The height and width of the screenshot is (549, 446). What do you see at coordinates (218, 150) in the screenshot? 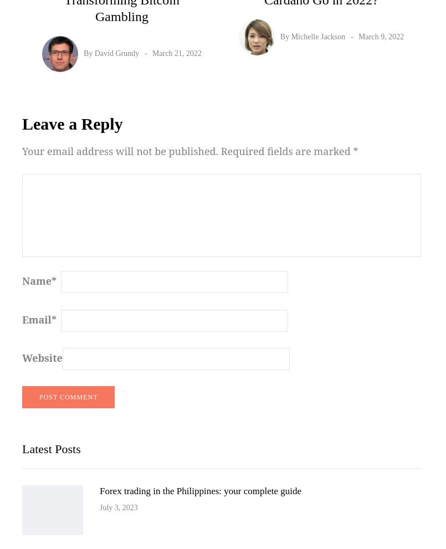
I see `'Required fields are marked'` at bounding box center [218, 150].